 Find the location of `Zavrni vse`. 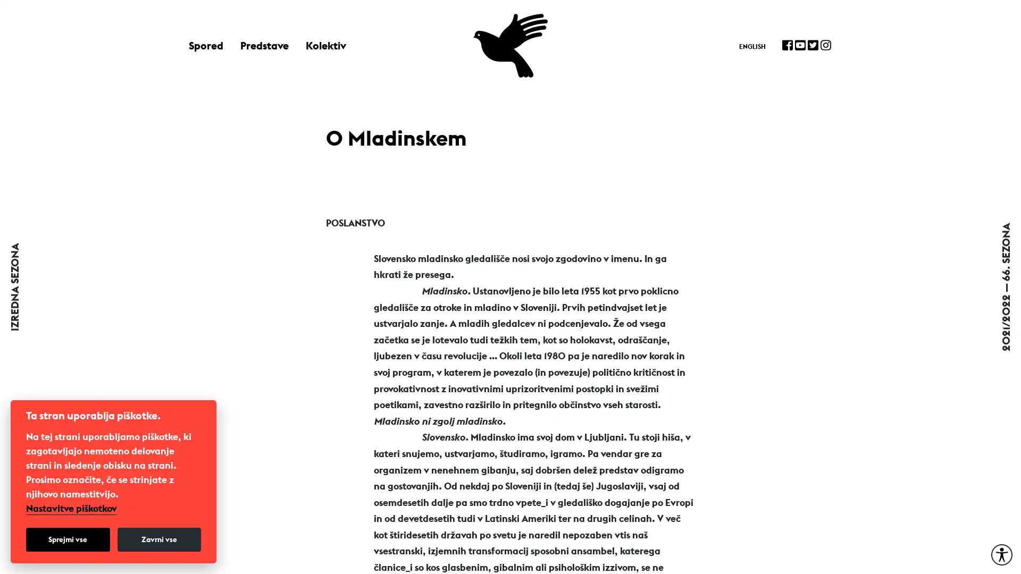

Zavrni vse is located at coordinates (158, 539).